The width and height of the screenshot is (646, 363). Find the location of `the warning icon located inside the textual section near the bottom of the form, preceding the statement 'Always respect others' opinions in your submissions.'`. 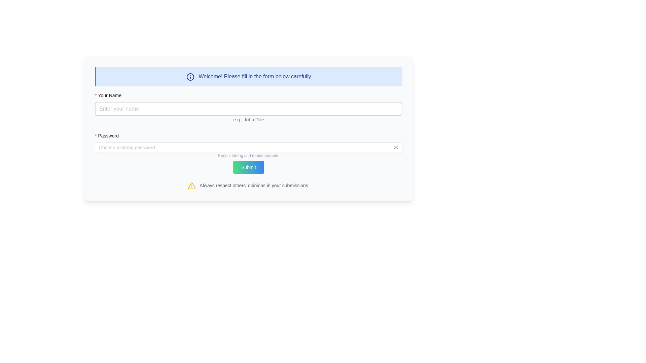

the warning icon located inside the textual section near the bottom of the form, preceding the statement 'Always respect others' opinions in your submissions.' is located at coordinates (191, 186).